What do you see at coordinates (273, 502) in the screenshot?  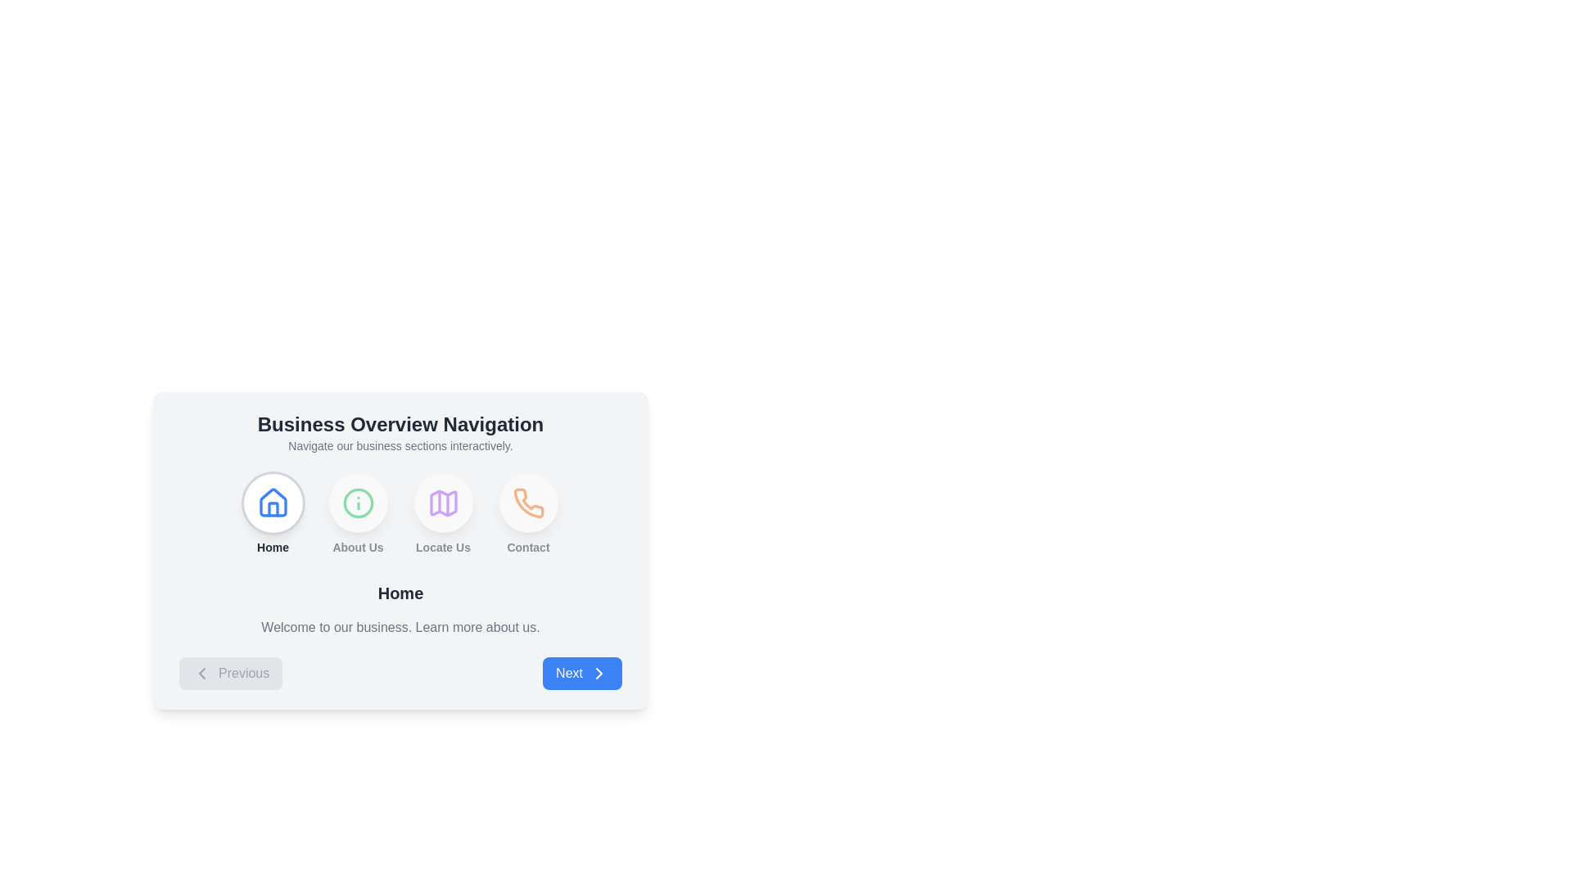 I see `the circular button with a white background and a blue house icon at its center` at bounding box center [273, 502].